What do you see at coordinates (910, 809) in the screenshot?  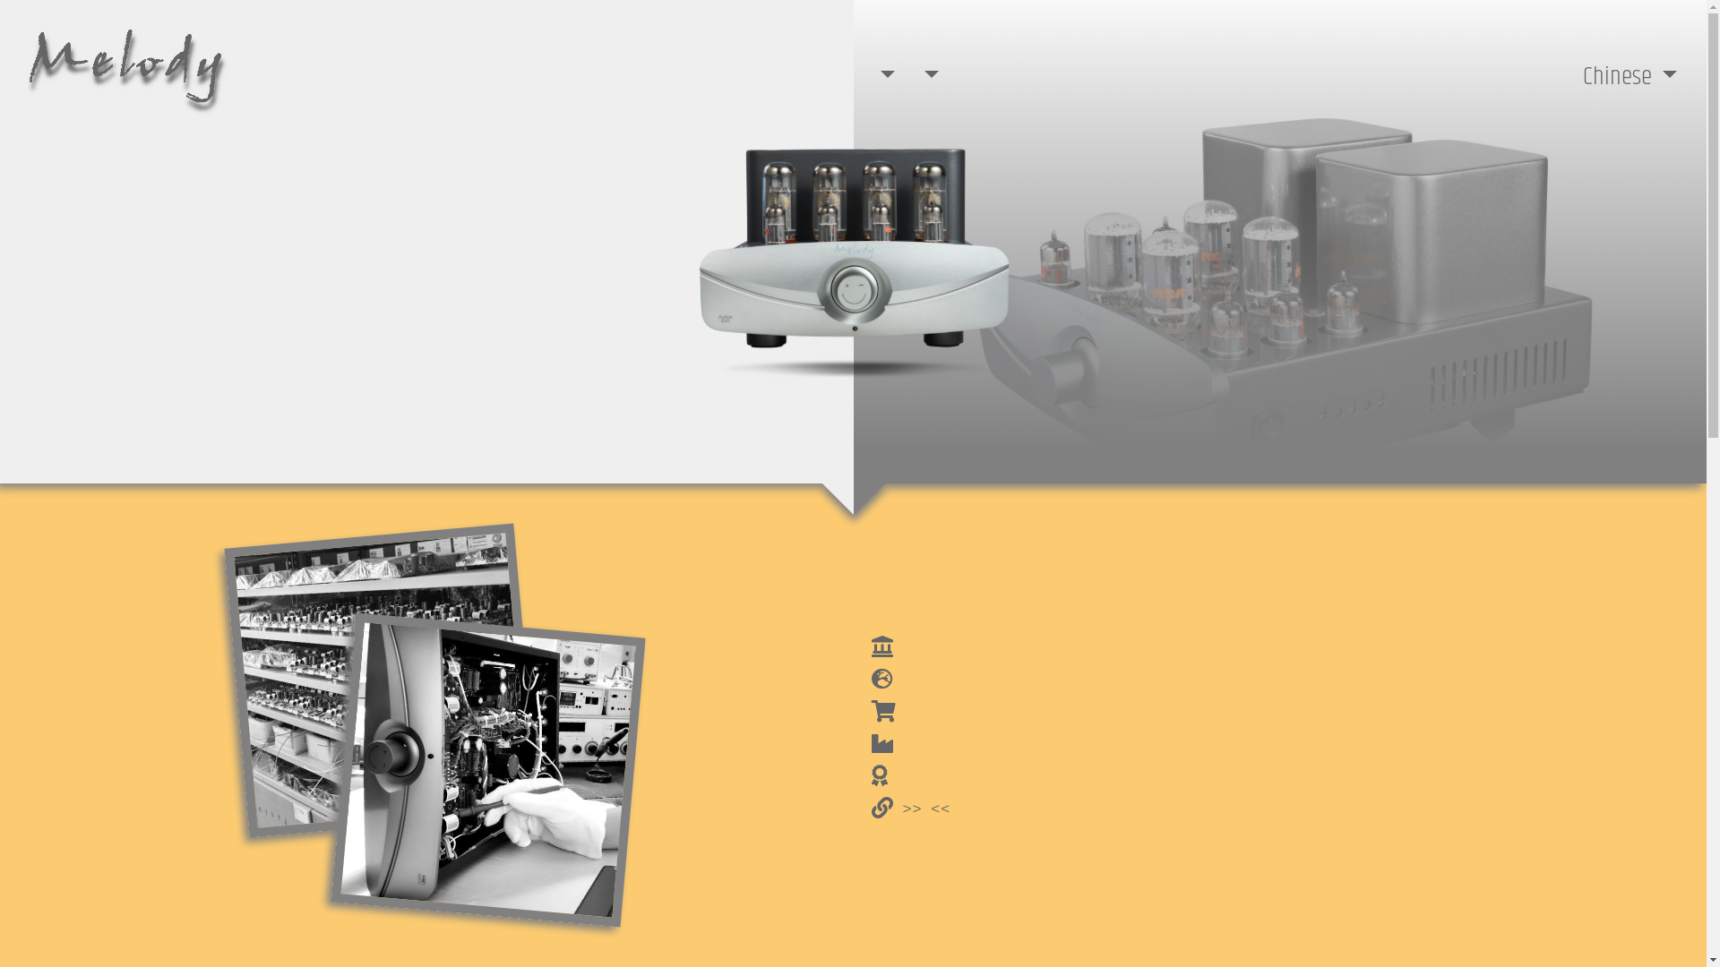 I see `'  >>  <<'` at bounding box center [910, 809].